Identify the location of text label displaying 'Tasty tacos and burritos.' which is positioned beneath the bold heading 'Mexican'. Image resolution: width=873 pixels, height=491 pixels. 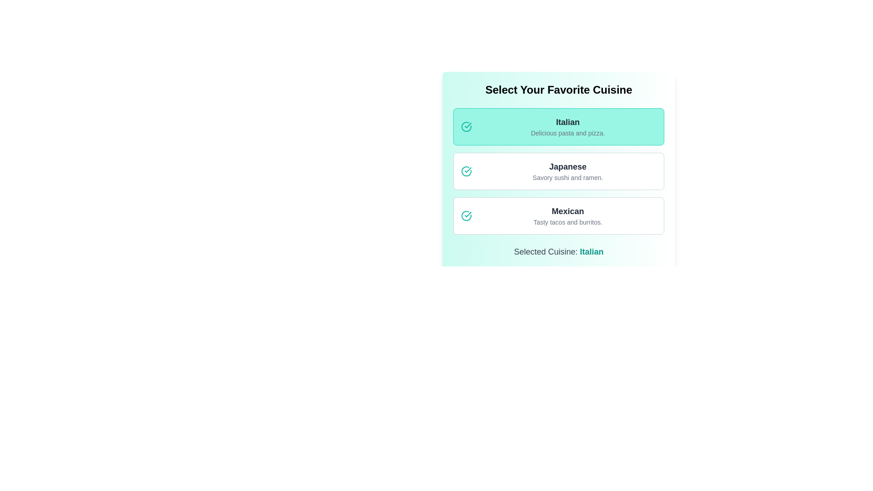
(567, 222).